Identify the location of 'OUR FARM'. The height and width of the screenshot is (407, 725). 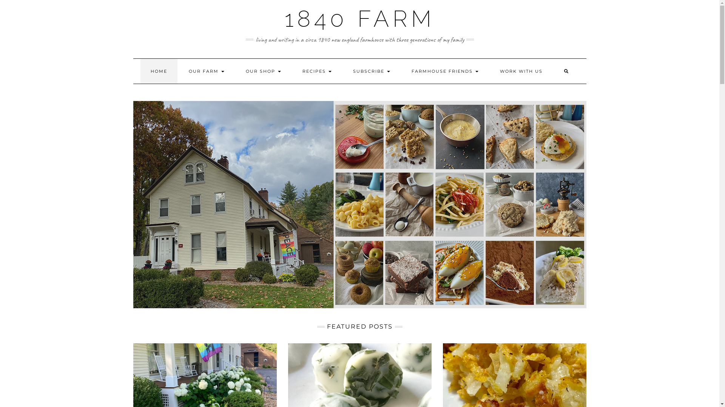
(206, 71).